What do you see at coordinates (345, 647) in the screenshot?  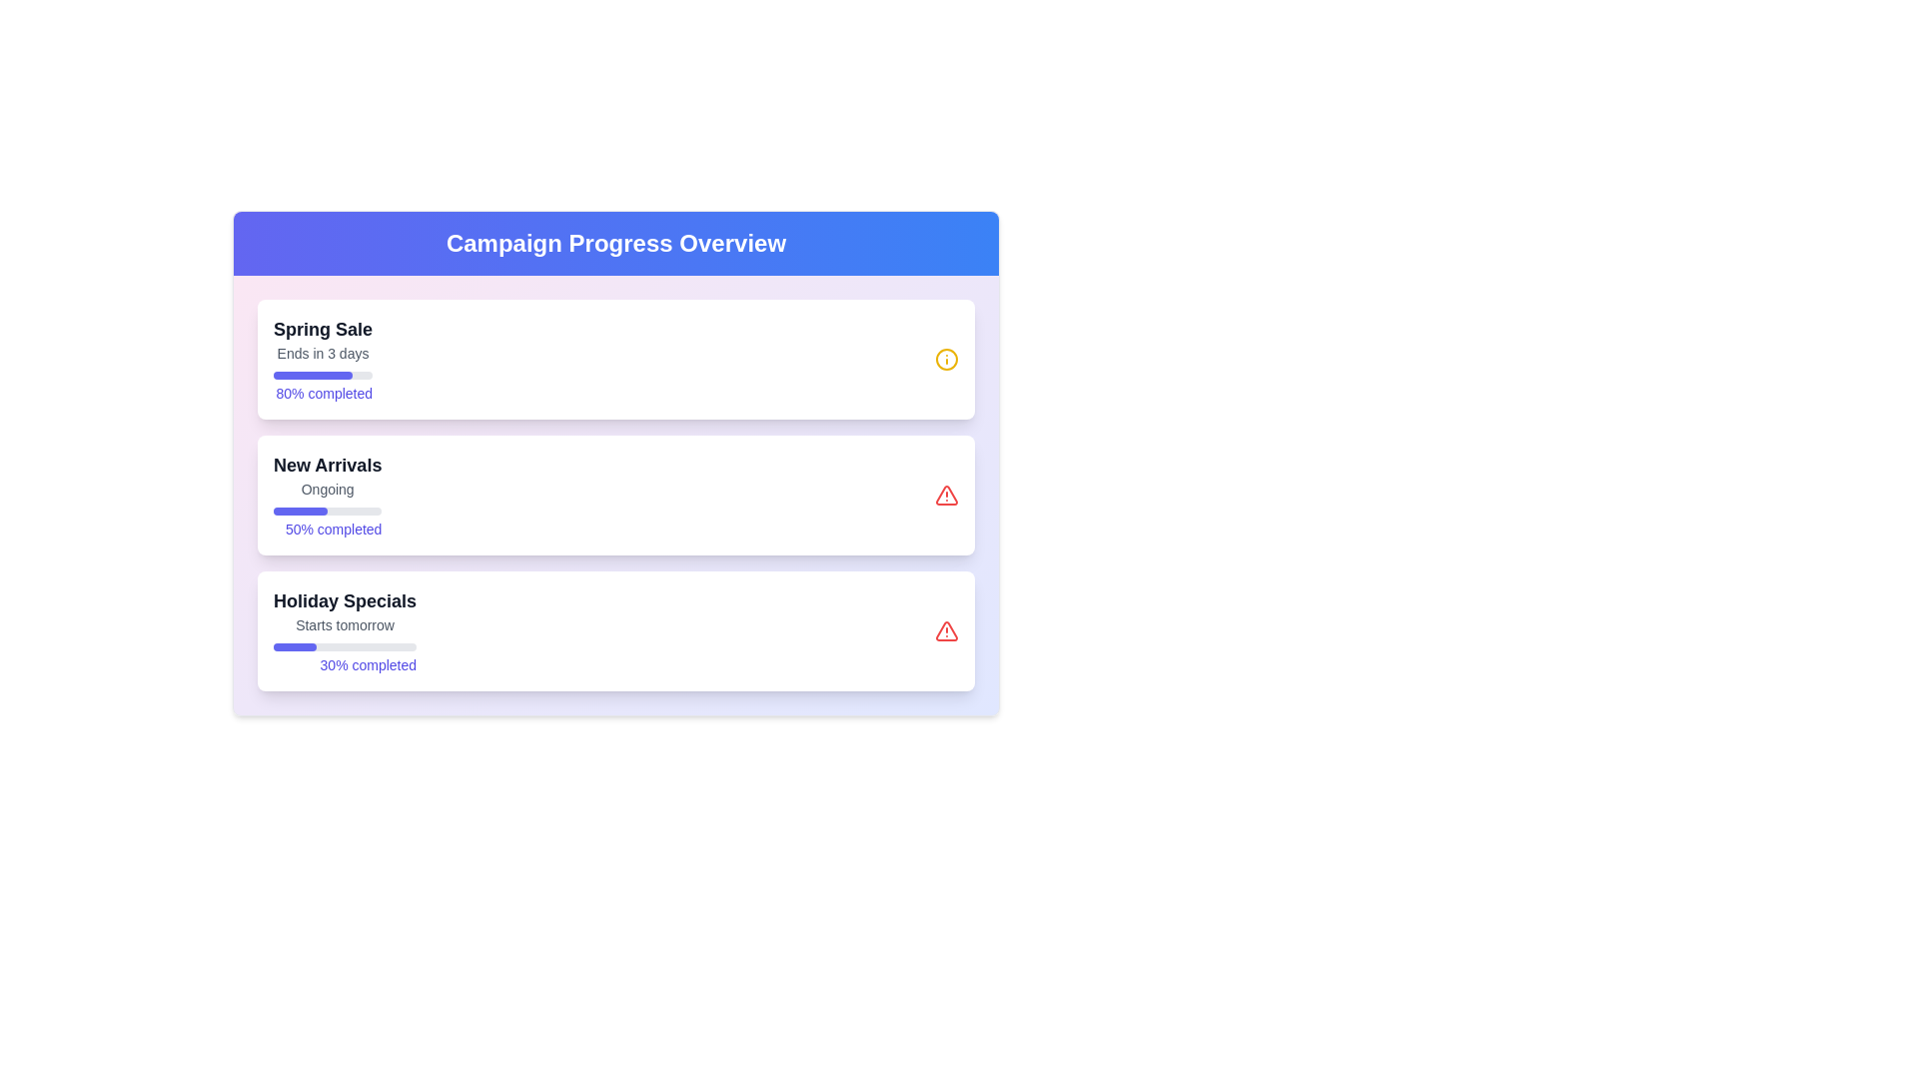 I see `the progress bar indicating 30% completion located under the text 'Starts tomorrow' and above '30% completed' in the 'Holiday Specials' section` at bounding box center [345, 647].